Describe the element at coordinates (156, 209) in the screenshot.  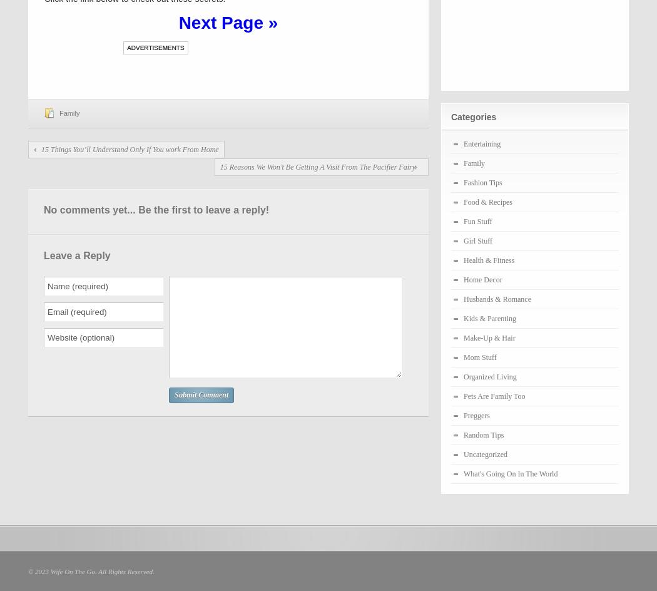
I see `'No comments yet... Be the first to leave a reply!'` at that location.